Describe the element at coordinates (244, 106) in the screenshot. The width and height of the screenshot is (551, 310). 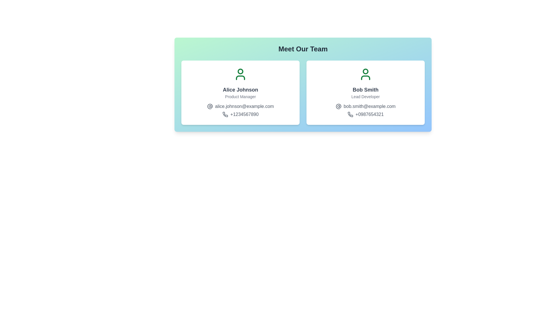
I see `on the email address 'alice.johnson@example.com' displayed in gray text below 'Alice Johnson' in the bottom-left section of the left card` at that location.